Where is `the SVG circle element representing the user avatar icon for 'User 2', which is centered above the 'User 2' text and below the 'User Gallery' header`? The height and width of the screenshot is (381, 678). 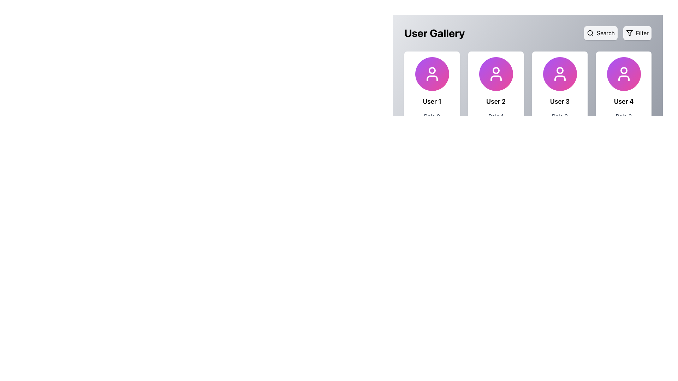 the SVG circle element representing the user avatar icon for 'User 2', which is centered above the 'User 2' text and below the 'User Gallery' header is located at coordinates (495, 71).